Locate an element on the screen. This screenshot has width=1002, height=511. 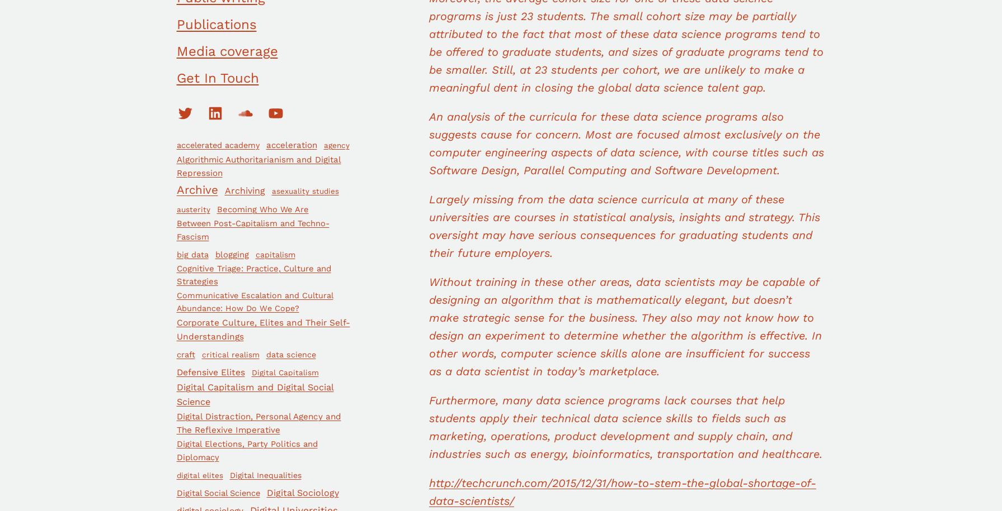
'agency' is located at coordinates (336, 145).